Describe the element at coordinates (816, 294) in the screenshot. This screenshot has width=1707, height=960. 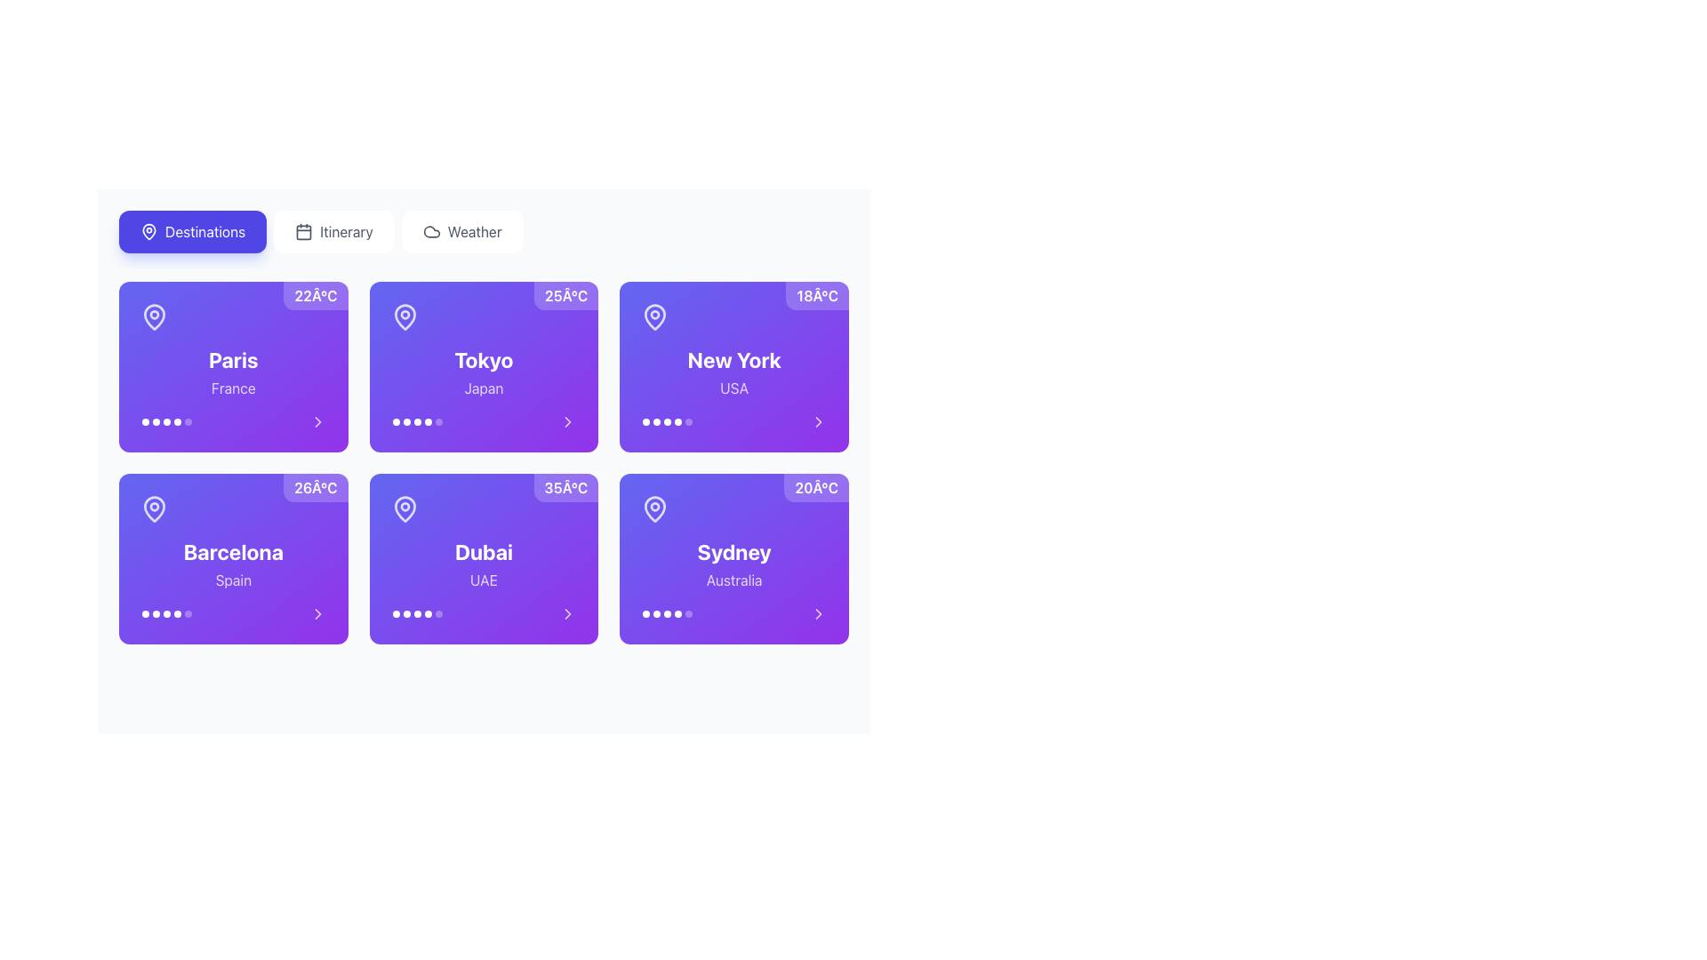
I see `the temperature indicator text label located in the top-right corner of the 'New York' card, which represents the current weather conditions` at that location.